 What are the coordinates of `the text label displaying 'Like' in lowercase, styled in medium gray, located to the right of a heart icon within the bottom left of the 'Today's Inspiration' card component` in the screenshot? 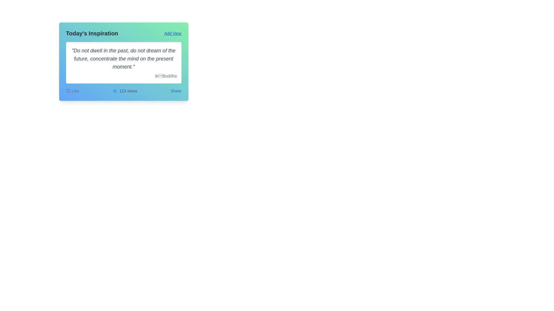 It's located at (75, 91).